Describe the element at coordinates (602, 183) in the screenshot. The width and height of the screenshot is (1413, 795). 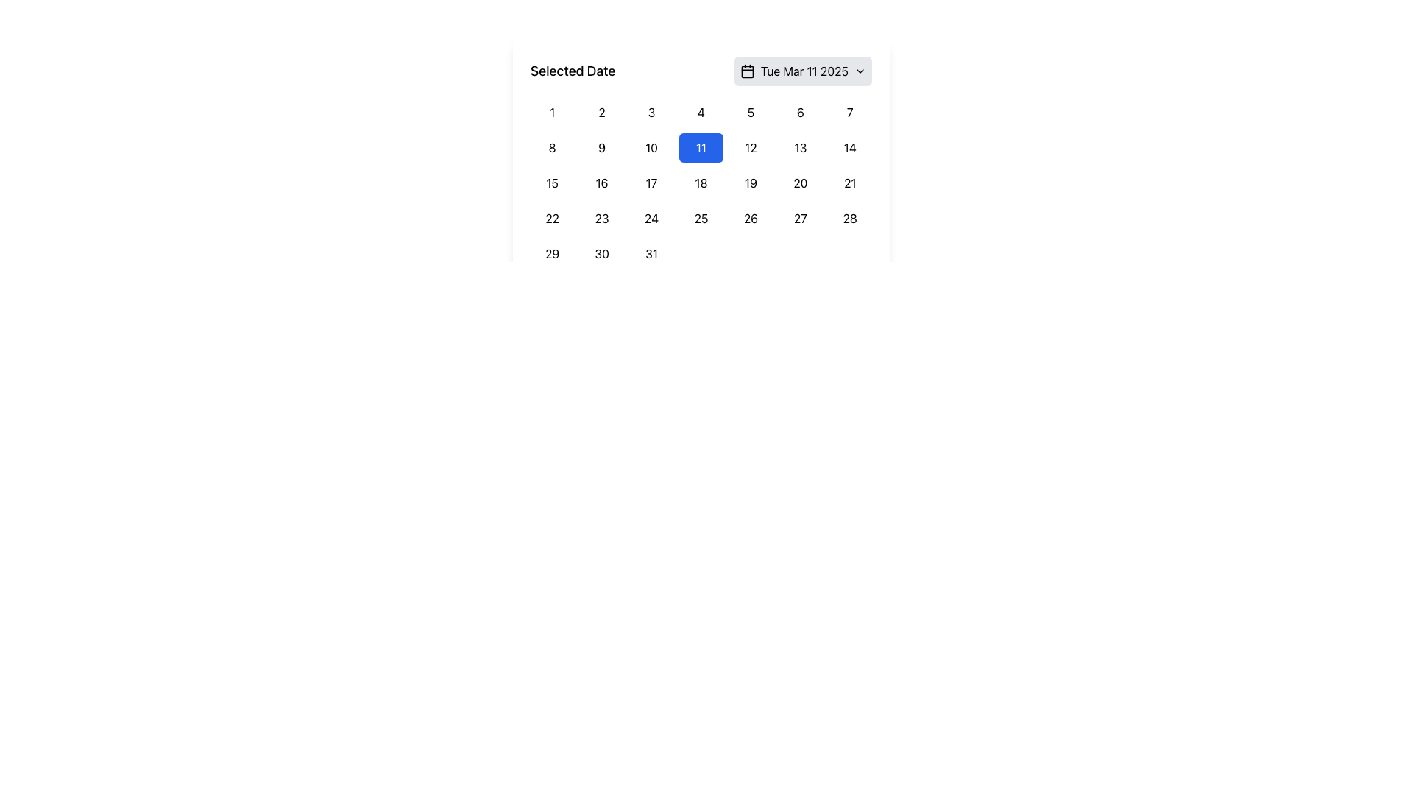
I see `the text element displaying the date '16' in the second column of the third row in the calendar grid layout` at that location.